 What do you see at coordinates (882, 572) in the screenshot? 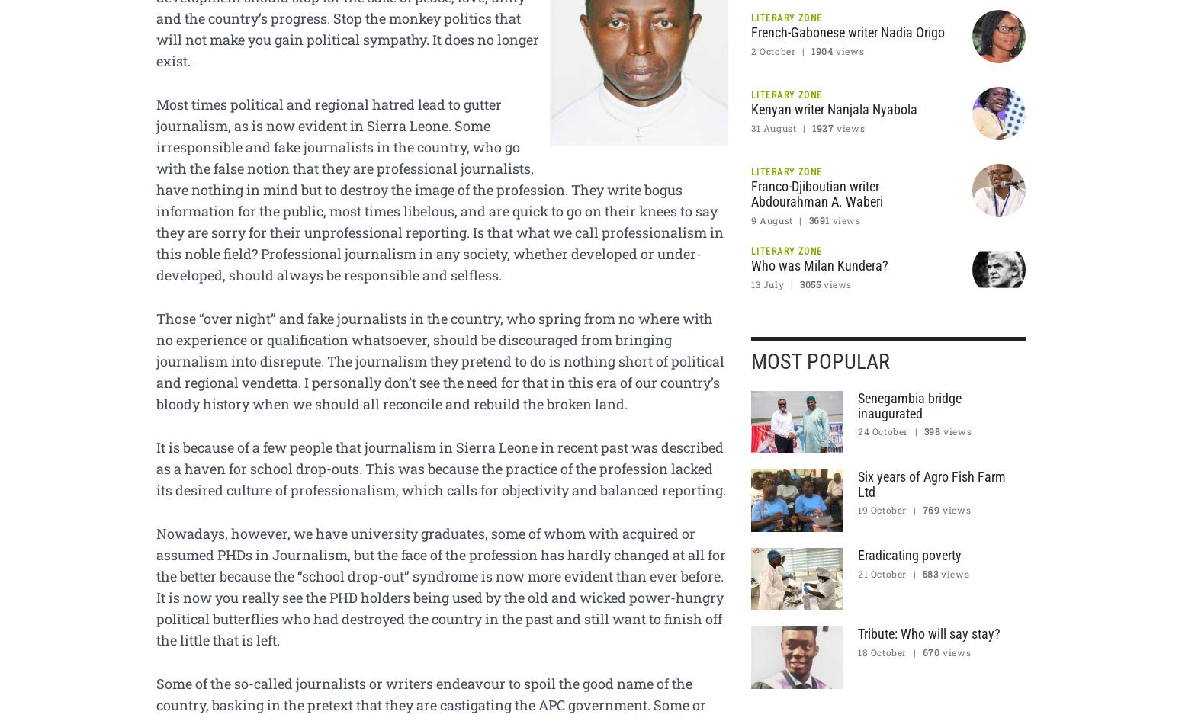
I see `'21 October'` at bounding box center [882, 572].